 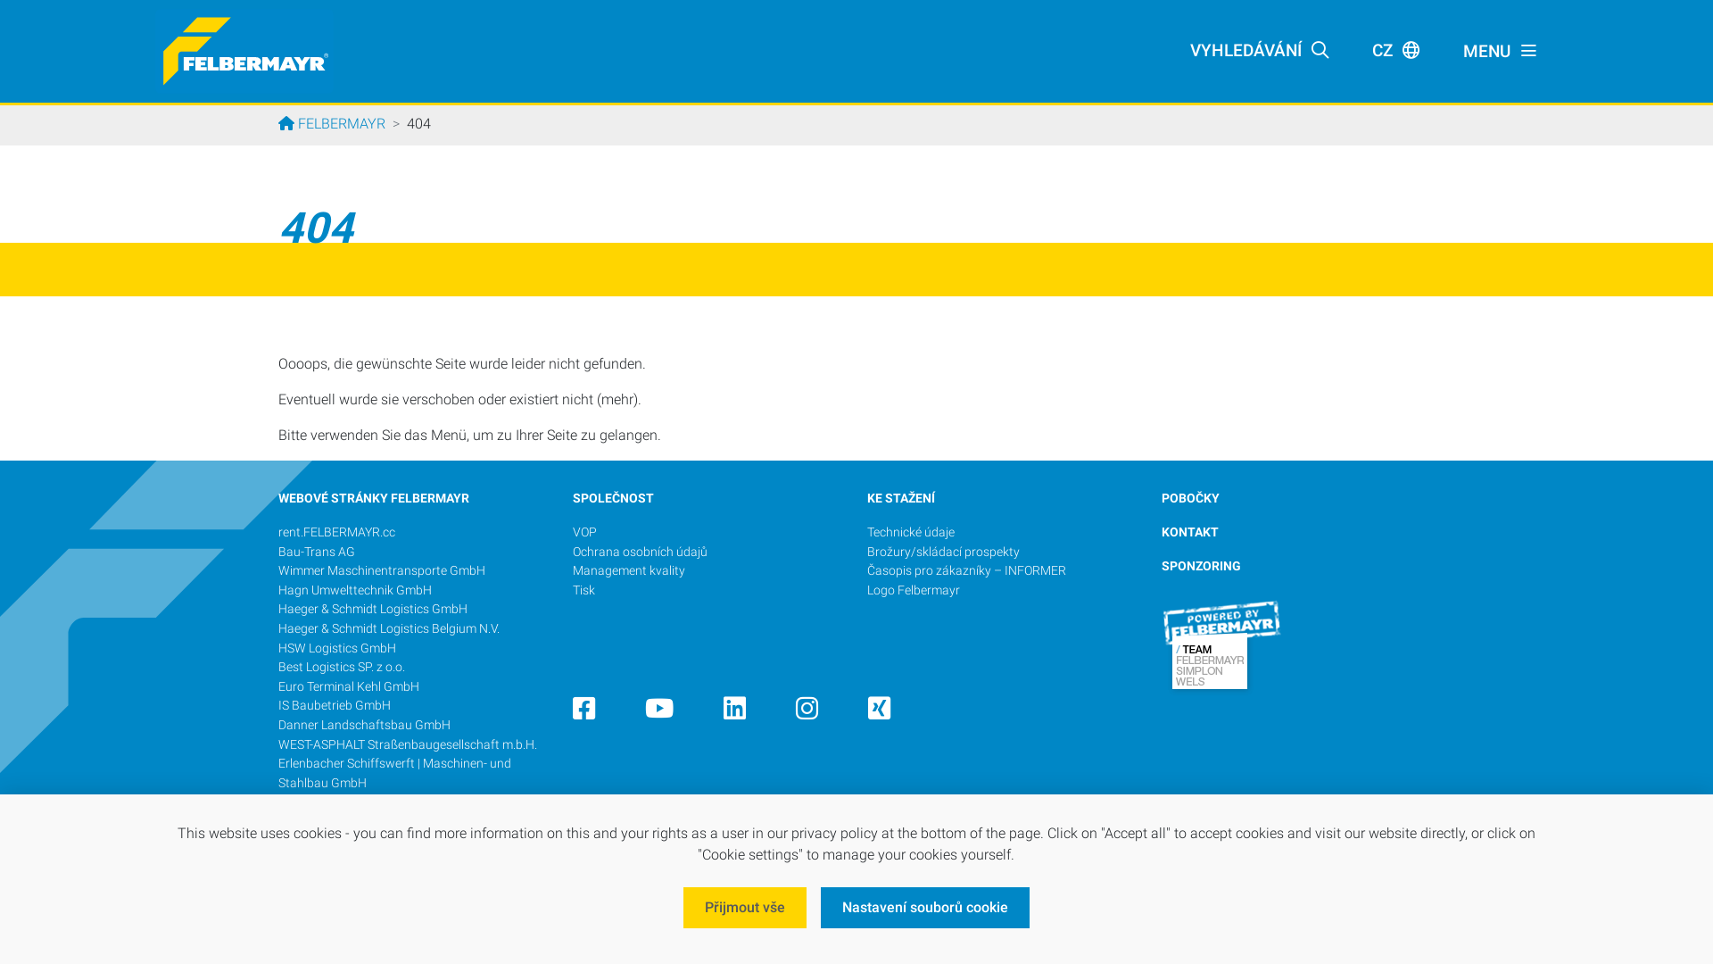 What do you see at coordinates (393, 772) in the screenshot?
I see `'Erlenbacher Schiffswerft | Maschinen- und Stahlbau GmbH'` at bounding box center [393, 772].